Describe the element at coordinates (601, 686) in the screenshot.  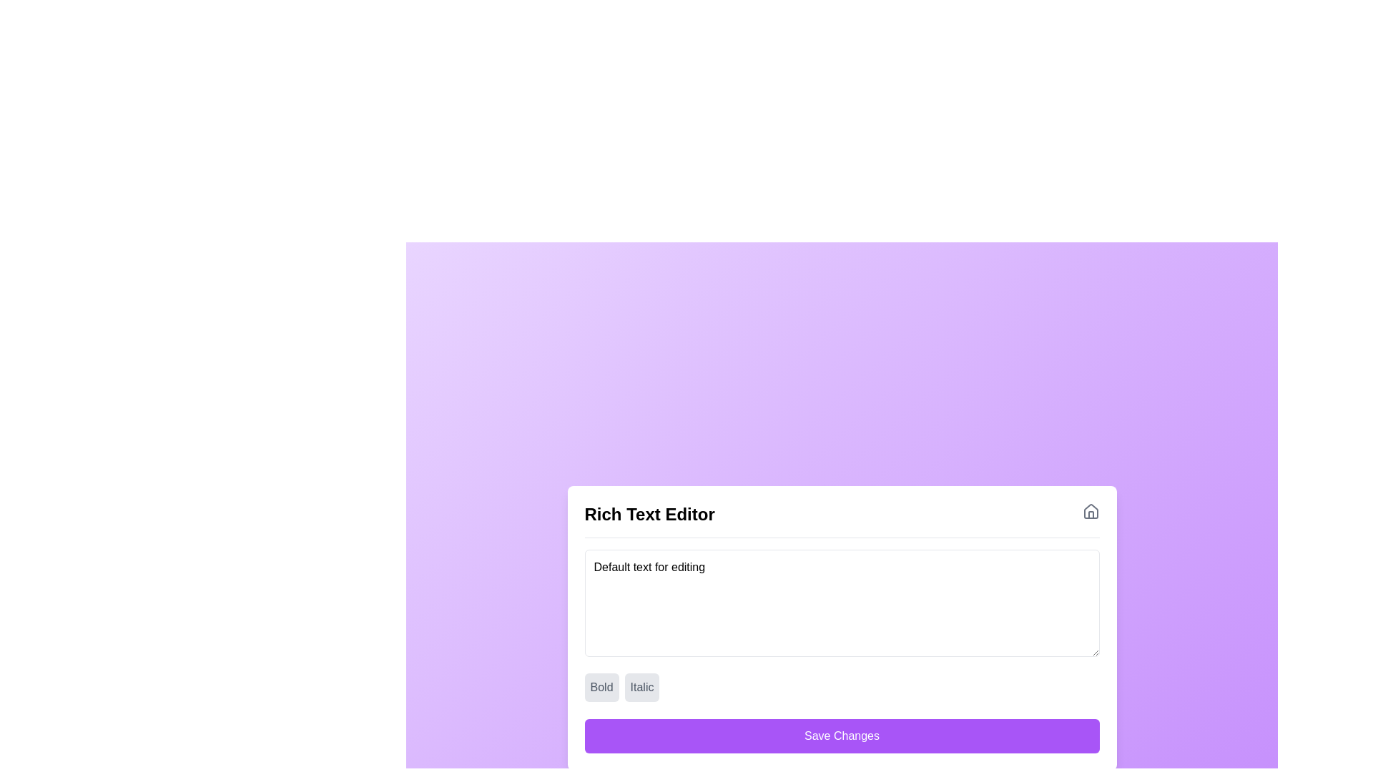
I see `the bold formatting button located to the left of the 'Italic' button in the text editor` at that location.